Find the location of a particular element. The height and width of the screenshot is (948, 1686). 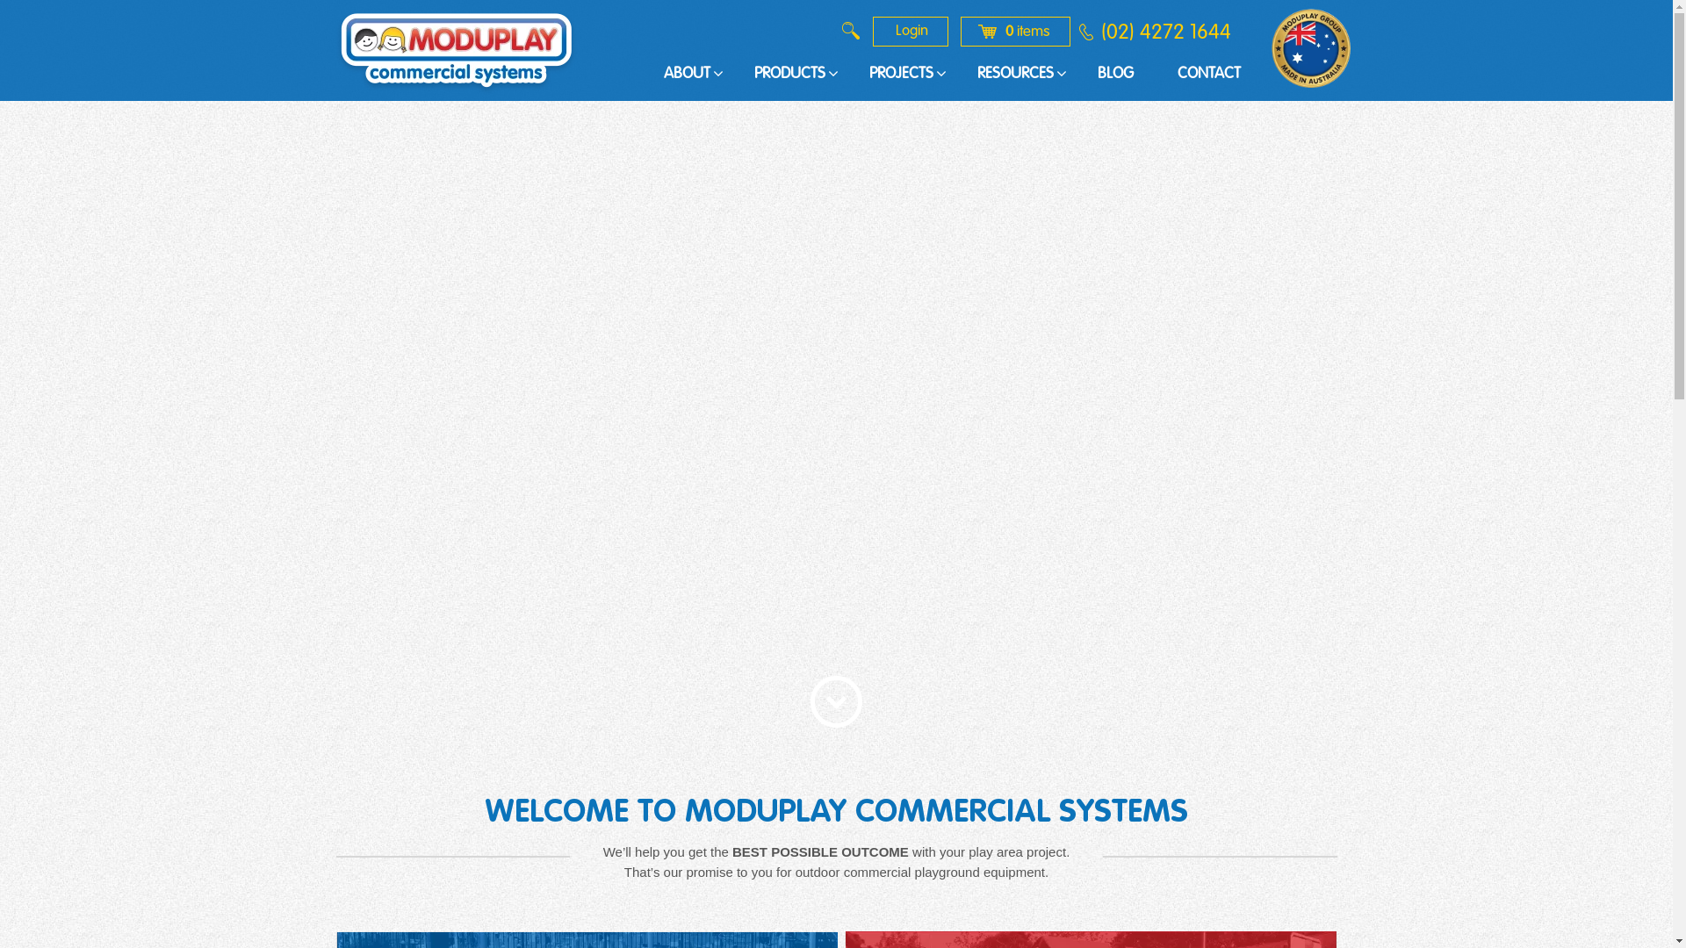

'Login' is located at coordinates (910, 31).